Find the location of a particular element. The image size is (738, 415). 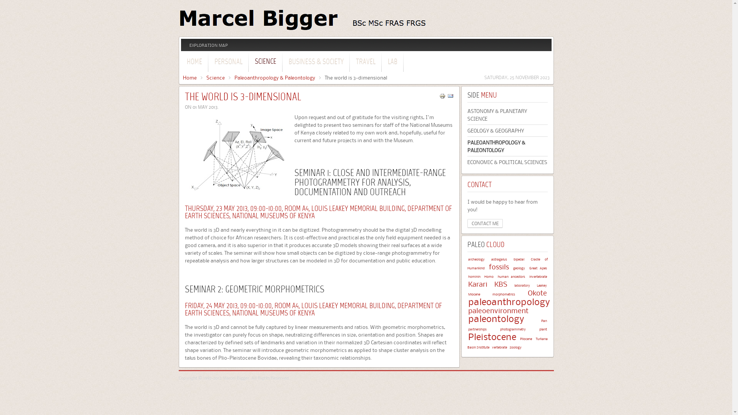

'Cradle of Humankind' is located at coordinates (507, 263).